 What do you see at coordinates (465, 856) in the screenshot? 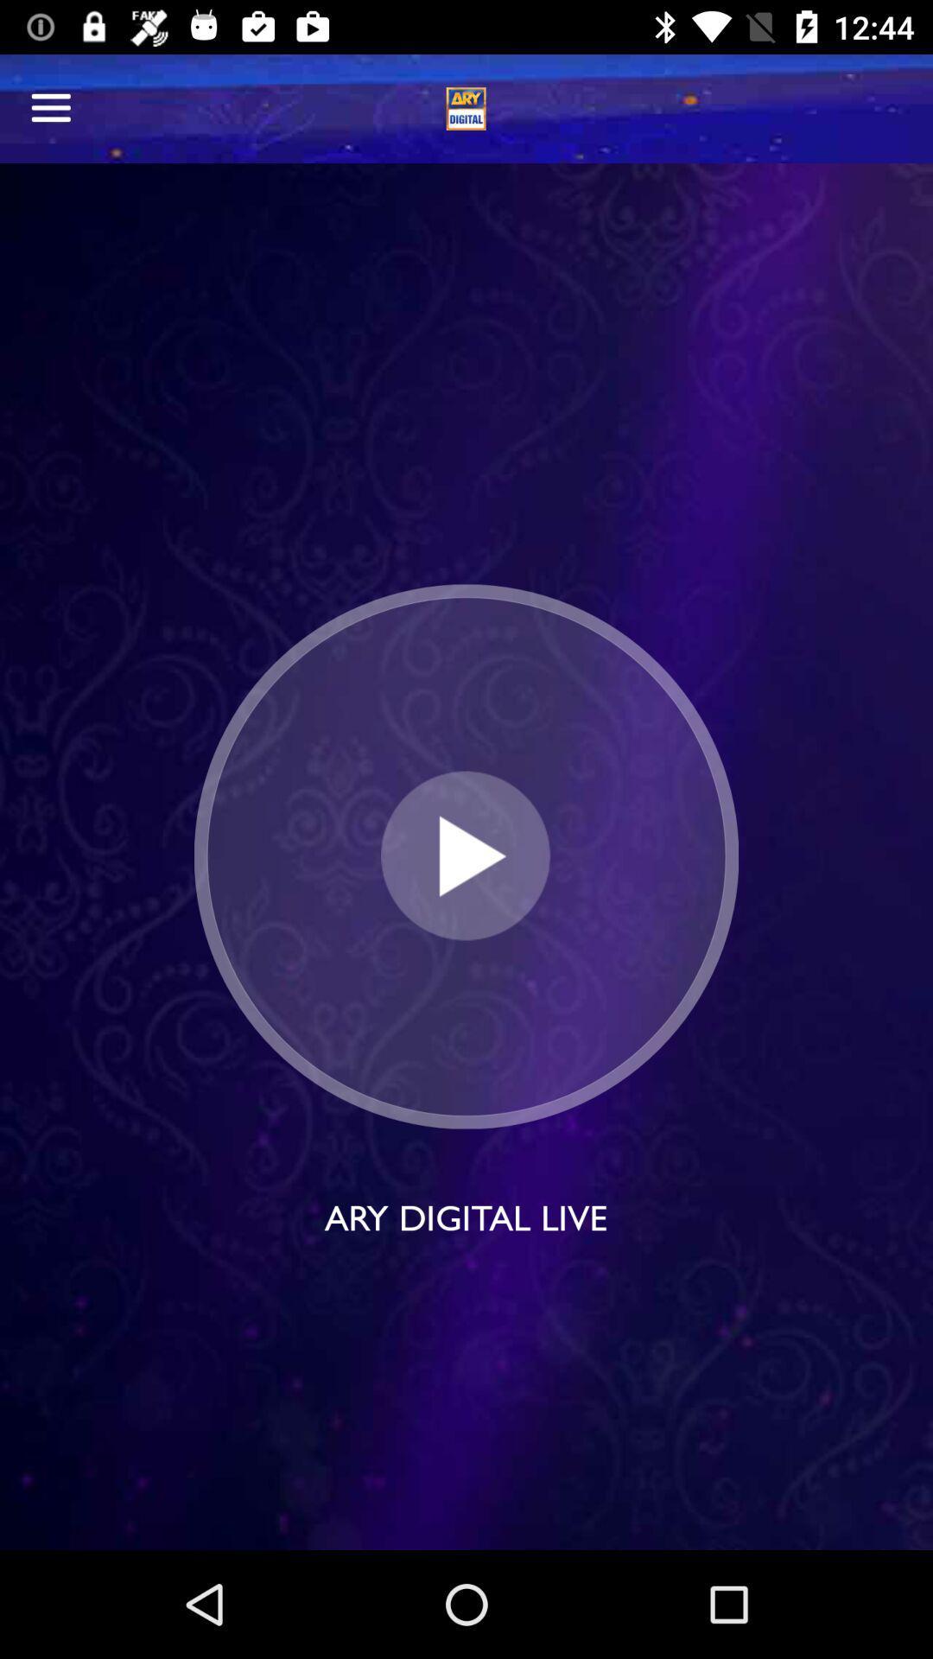
I see `button` at bounding box center [465, 856].